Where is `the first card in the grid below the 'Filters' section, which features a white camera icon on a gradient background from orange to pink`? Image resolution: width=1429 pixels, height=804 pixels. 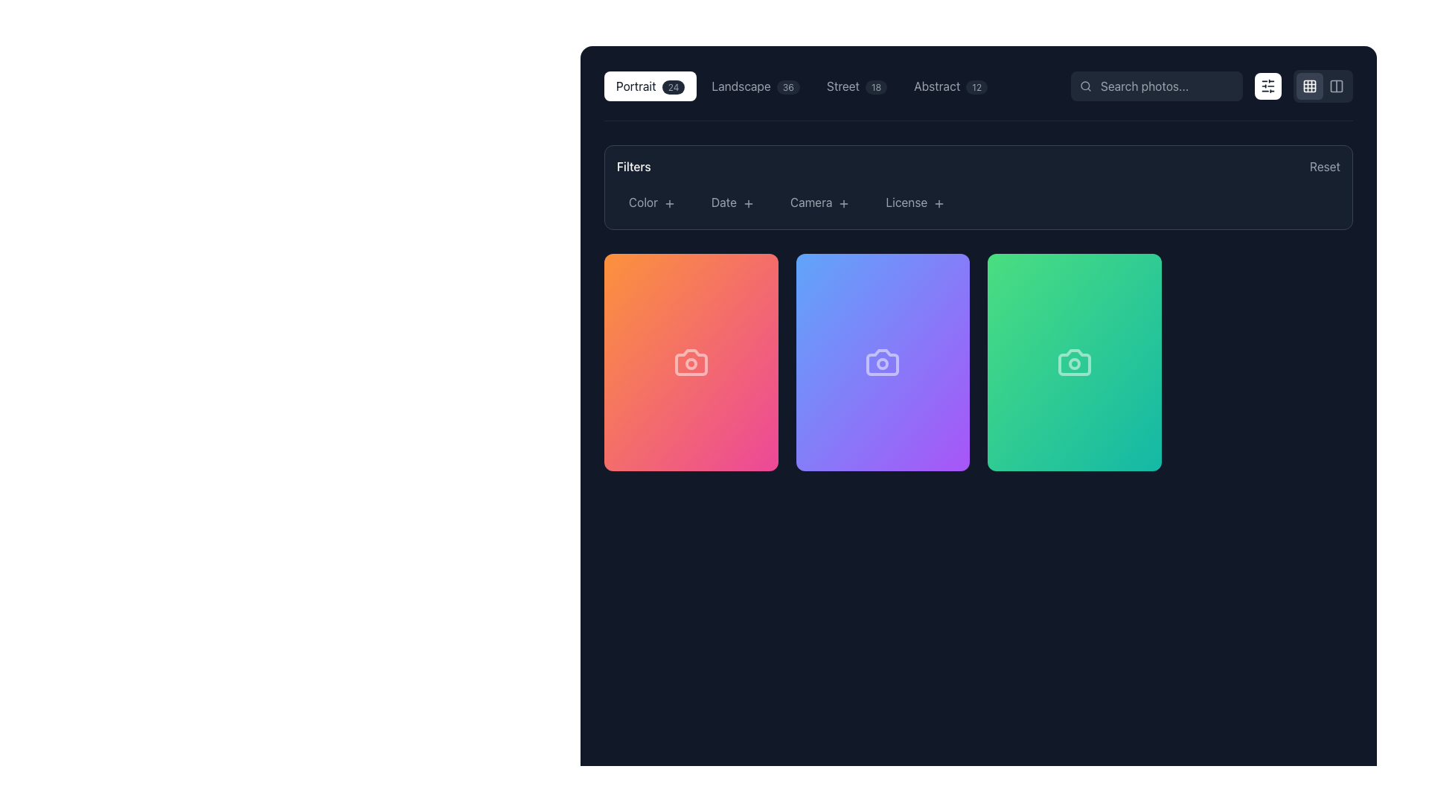 the first card in the grid below the 'Filters' section, which features a white camera icon on a gradient background from orange to pink is located at coordinates (690, 362).